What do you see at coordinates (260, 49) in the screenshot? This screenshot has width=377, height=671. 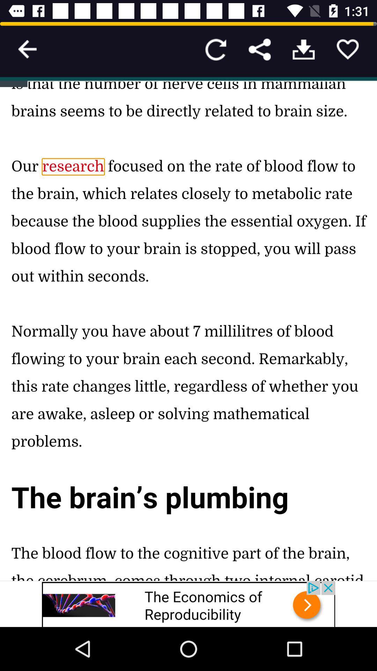 I see `the share icon` at bounding box center [260, 49].